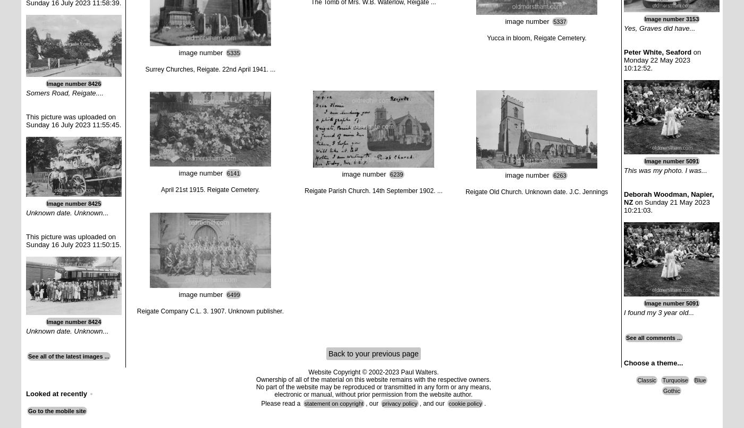  What do you see at coordinates (233, 52) in the screenshot?
I see `'5335'` at bounding box center [233, 52].